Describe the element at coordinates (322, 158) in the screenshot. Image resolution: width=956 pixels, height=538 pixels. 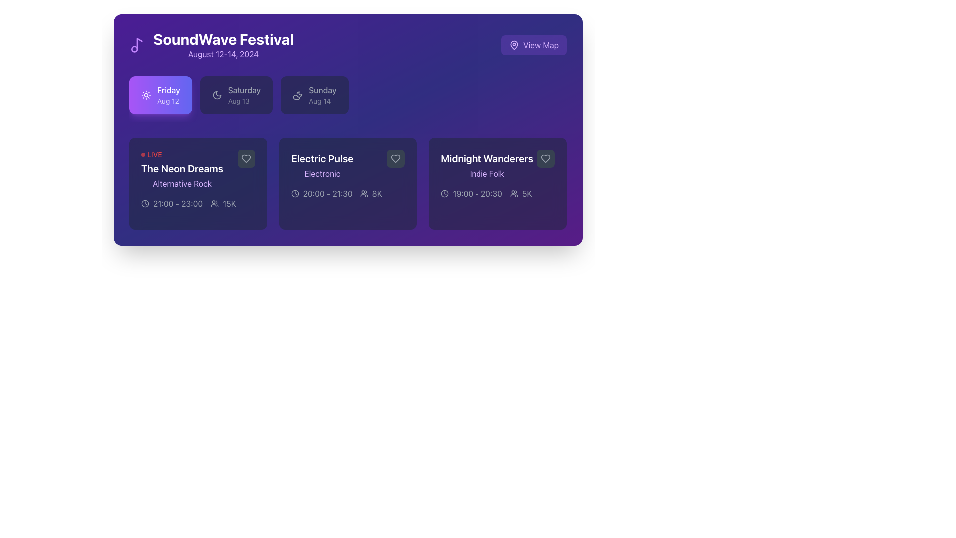
I see `the 'Electric Pulse' text label, which is prominently displayed in bold white font against a dark background, centrally located in the middle card of the second column of event cards, positioned between 'The Neon Dreams' and 'Midnight Wanderers'` at that location.